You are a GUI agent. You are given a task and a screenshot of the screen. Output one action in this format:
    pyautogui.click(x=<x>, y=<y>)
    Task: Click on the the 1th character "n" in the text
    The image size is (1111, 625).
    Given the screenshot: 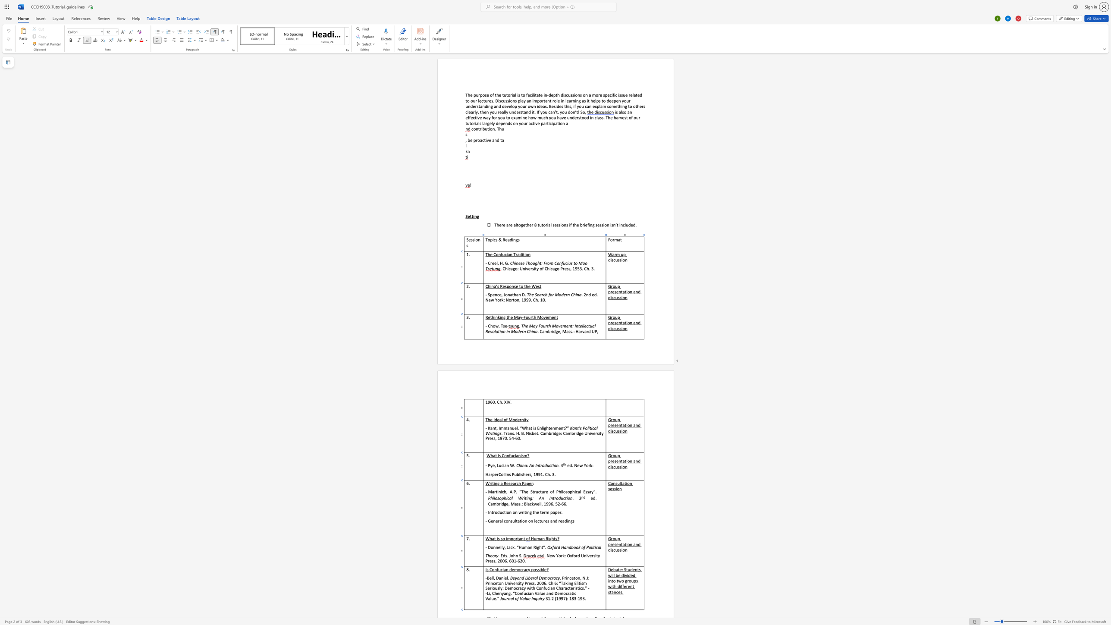 What is the action you would take?
    pyautogui.click(x=521, y=578)
    